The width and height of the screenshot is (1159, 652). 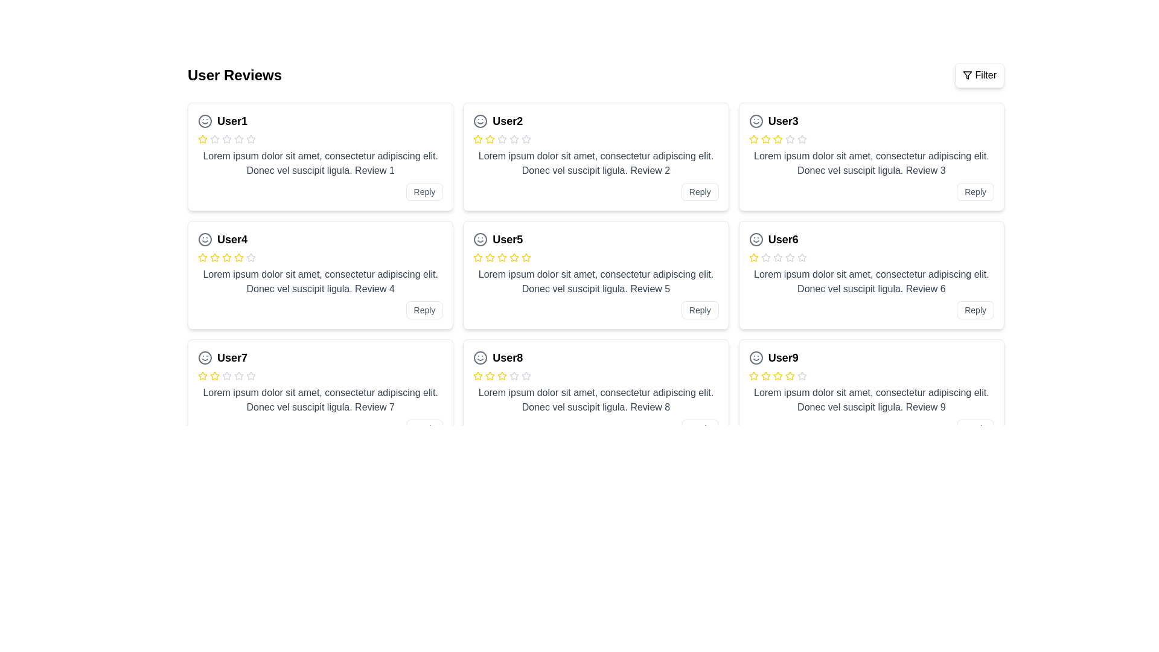 What do you see at coordinates (790, 257) in the screenshot?
I see `the fifth star icon in a star rating system under the review titled 'User6' located in the bottom-right card of the second row of reviews` at bounding box center [790, 257].